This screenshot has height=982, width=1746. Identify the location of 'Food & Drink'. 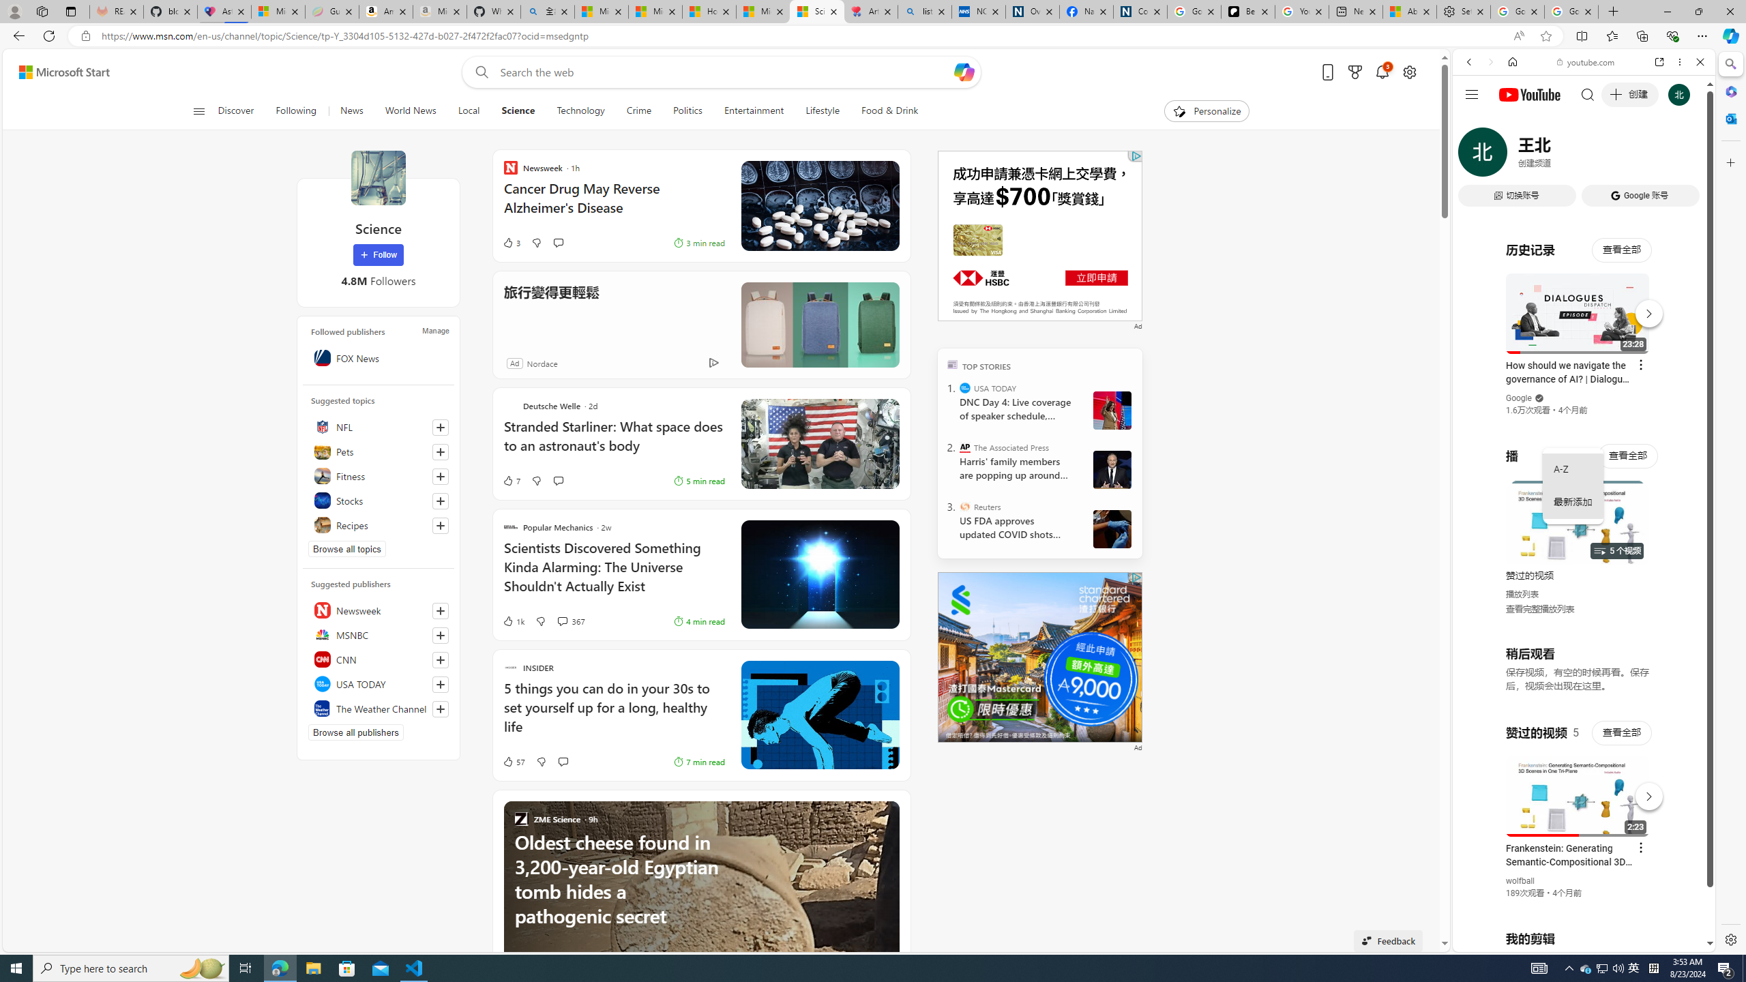
(884, 110).